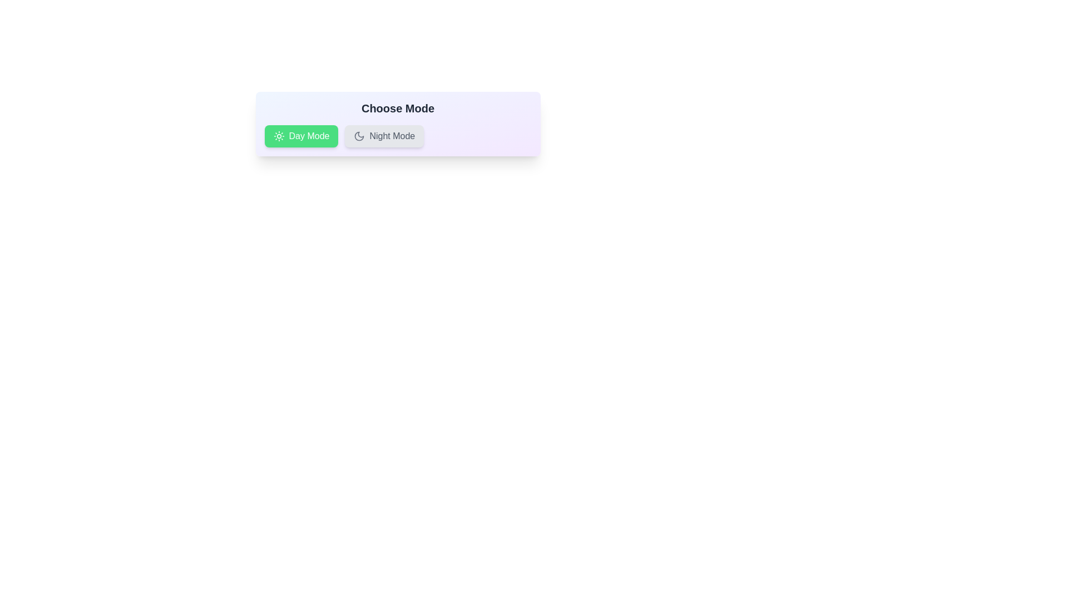 The width and height of the screenshot is (1068, 601). Describe the element at coordinates (301, 136) in the screenshot. I see `the chip labeled Day Mode` at that location.